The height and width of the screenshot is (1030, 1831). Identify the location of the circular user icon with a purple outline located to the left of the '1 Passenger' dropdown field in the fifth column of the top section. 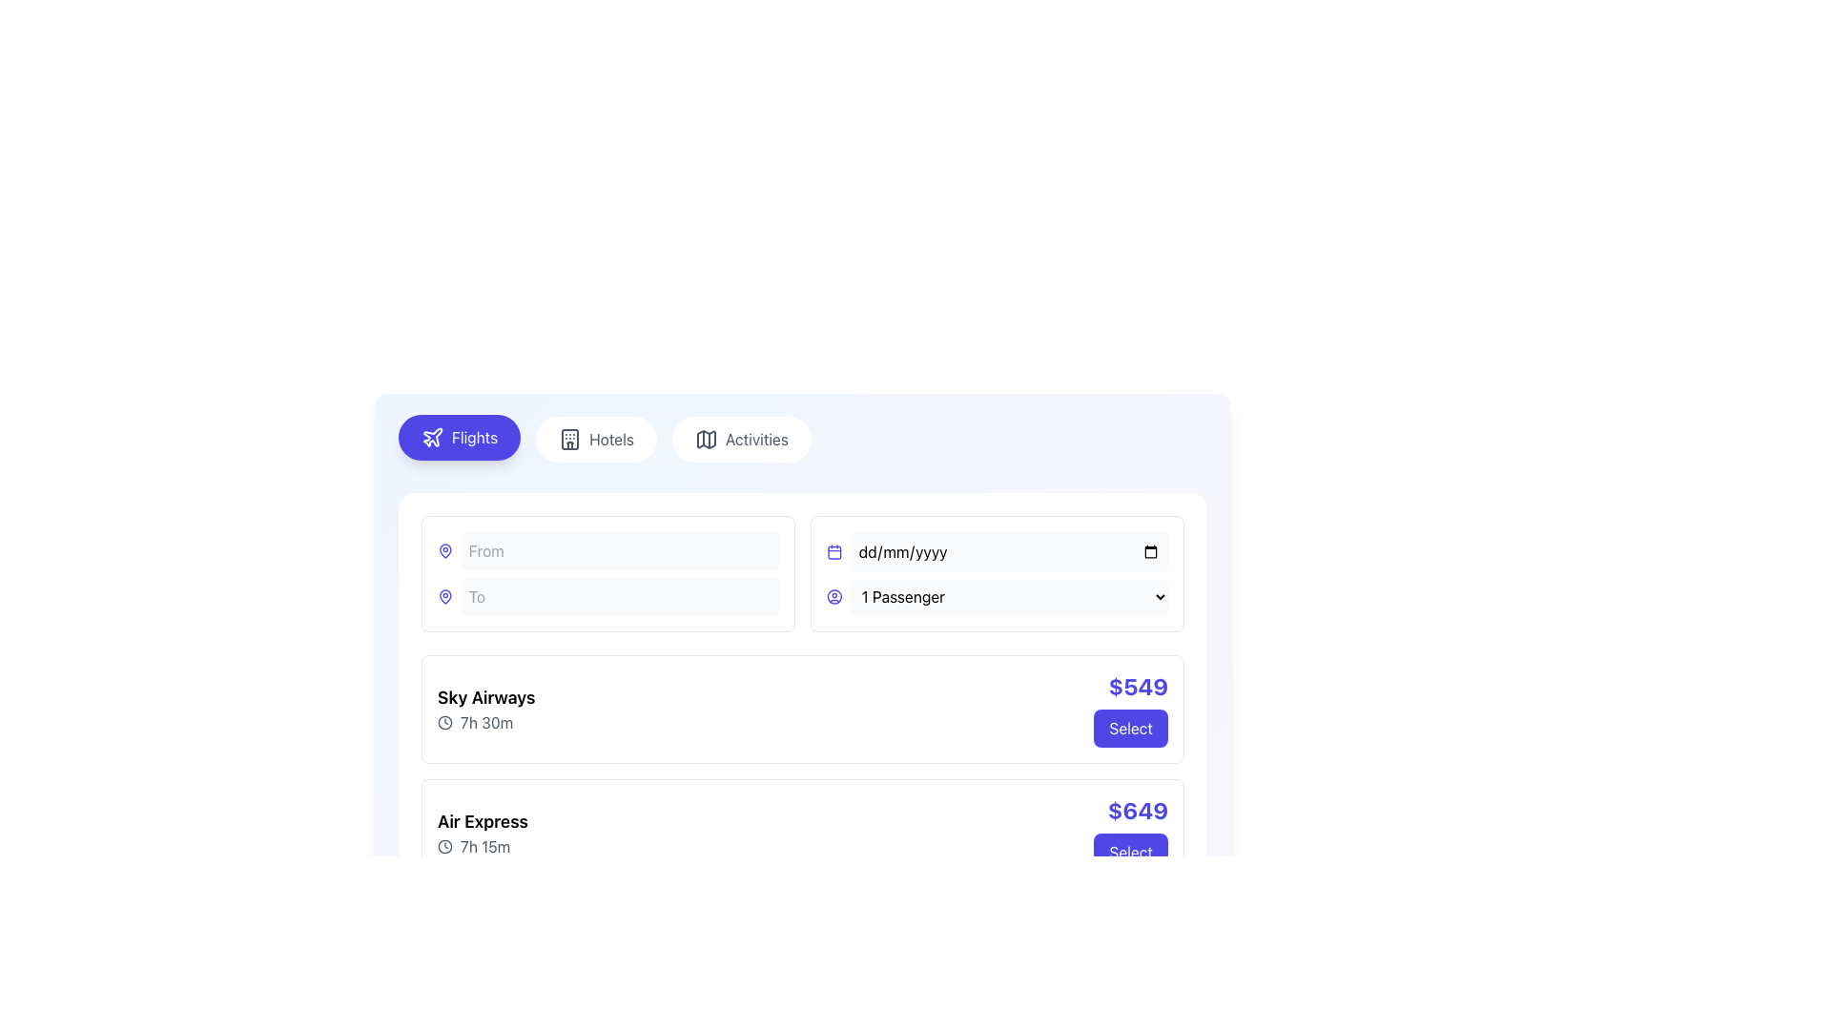
(834, 595).